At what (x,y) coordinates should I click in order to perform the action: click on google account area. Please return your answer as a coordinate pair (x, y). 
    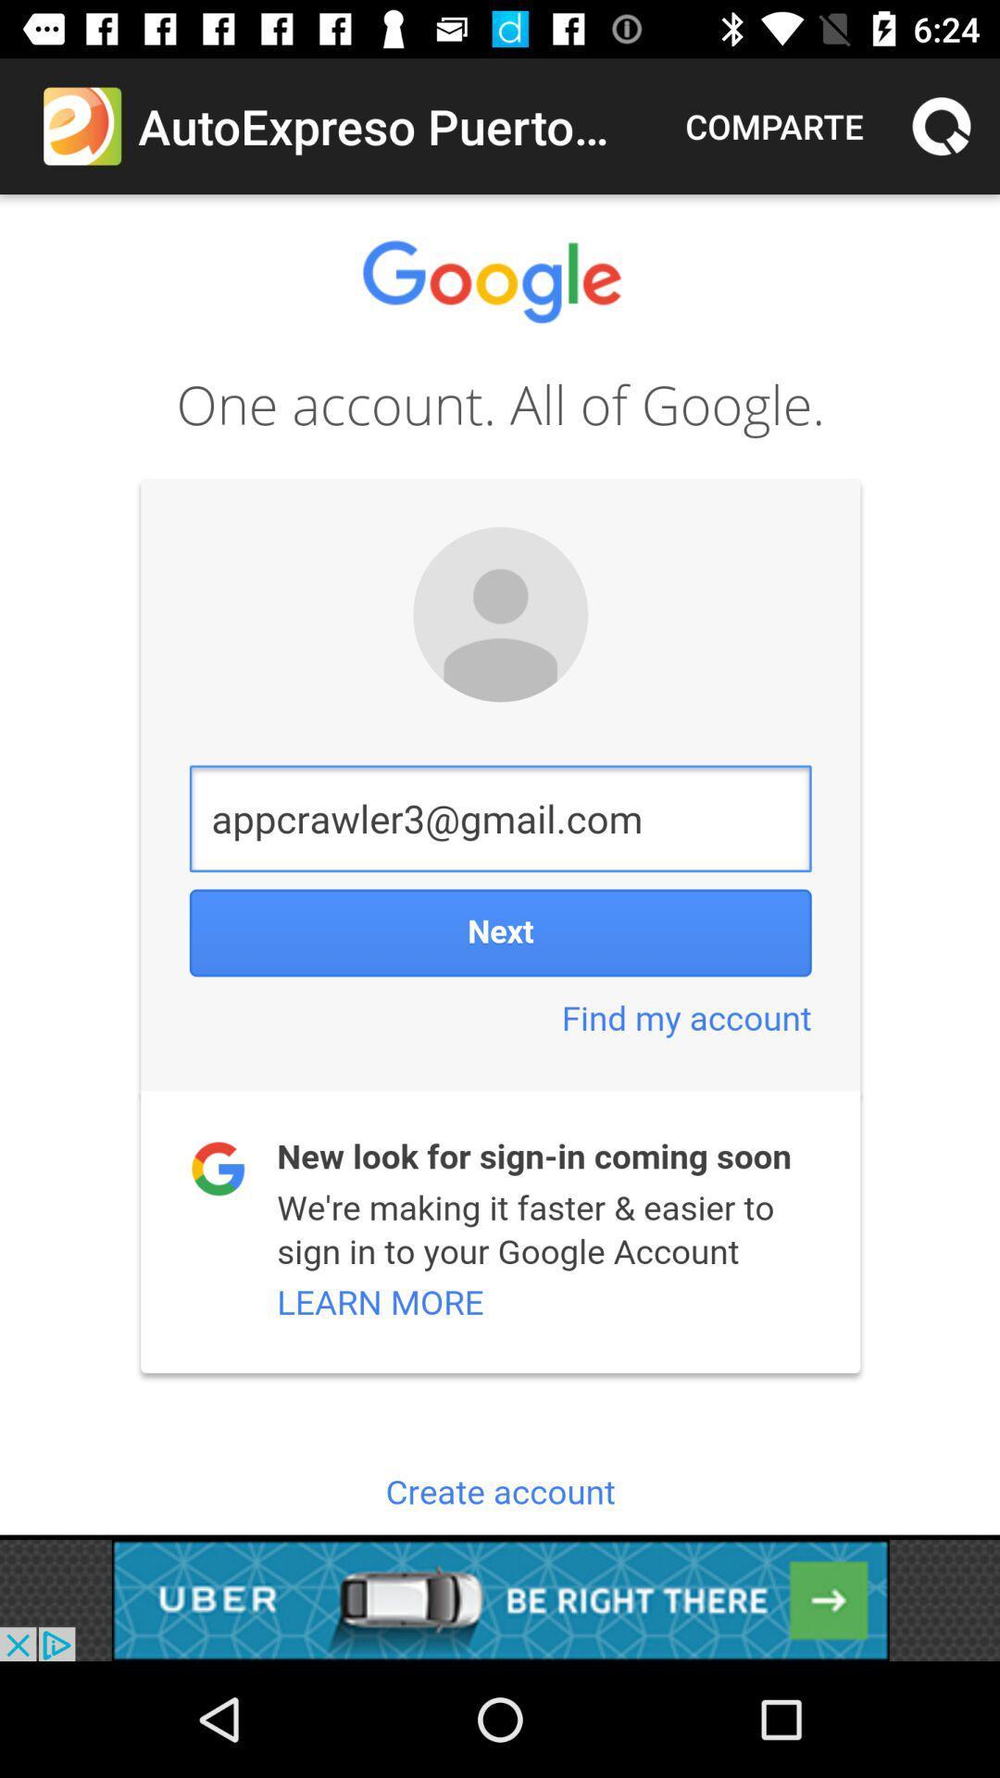
    Looking at the image, I should click on (500, 863).